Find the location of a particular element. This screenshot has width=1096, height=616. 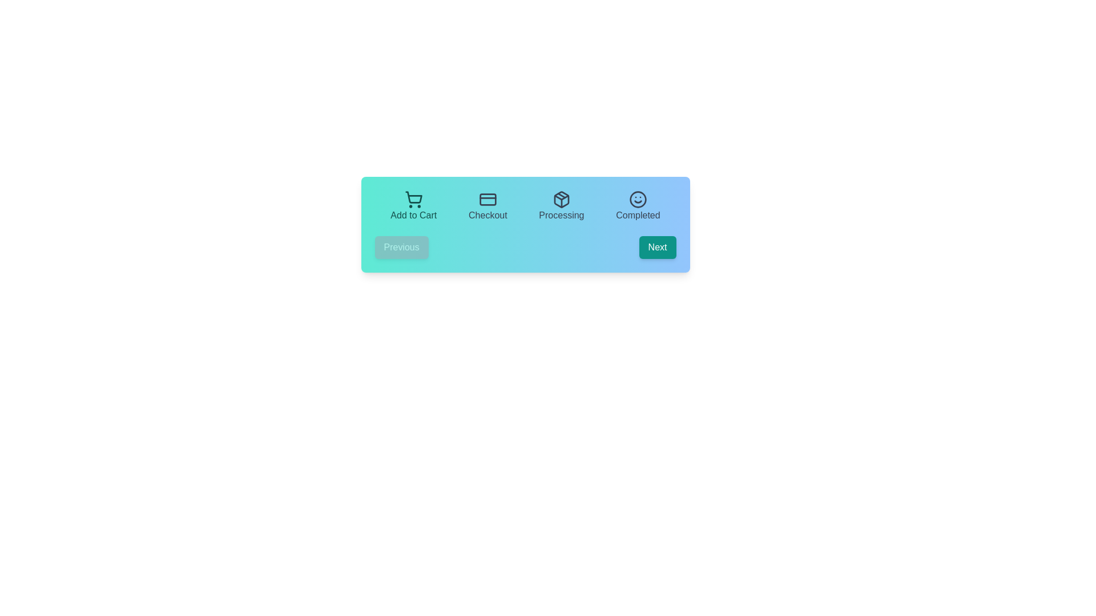

the step Add to Cart to observe the hover effect is located at coordinates (413, 206).